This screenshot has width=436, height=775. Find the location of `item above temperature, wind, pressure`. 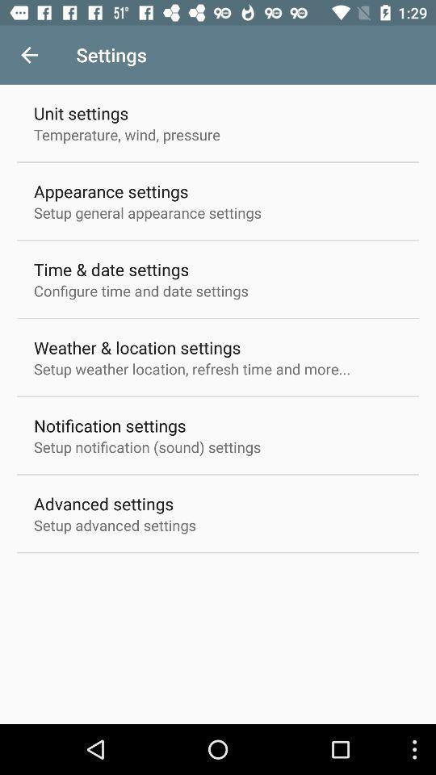

item above temperature, wind, pressure is located at coordinates (80, 112).